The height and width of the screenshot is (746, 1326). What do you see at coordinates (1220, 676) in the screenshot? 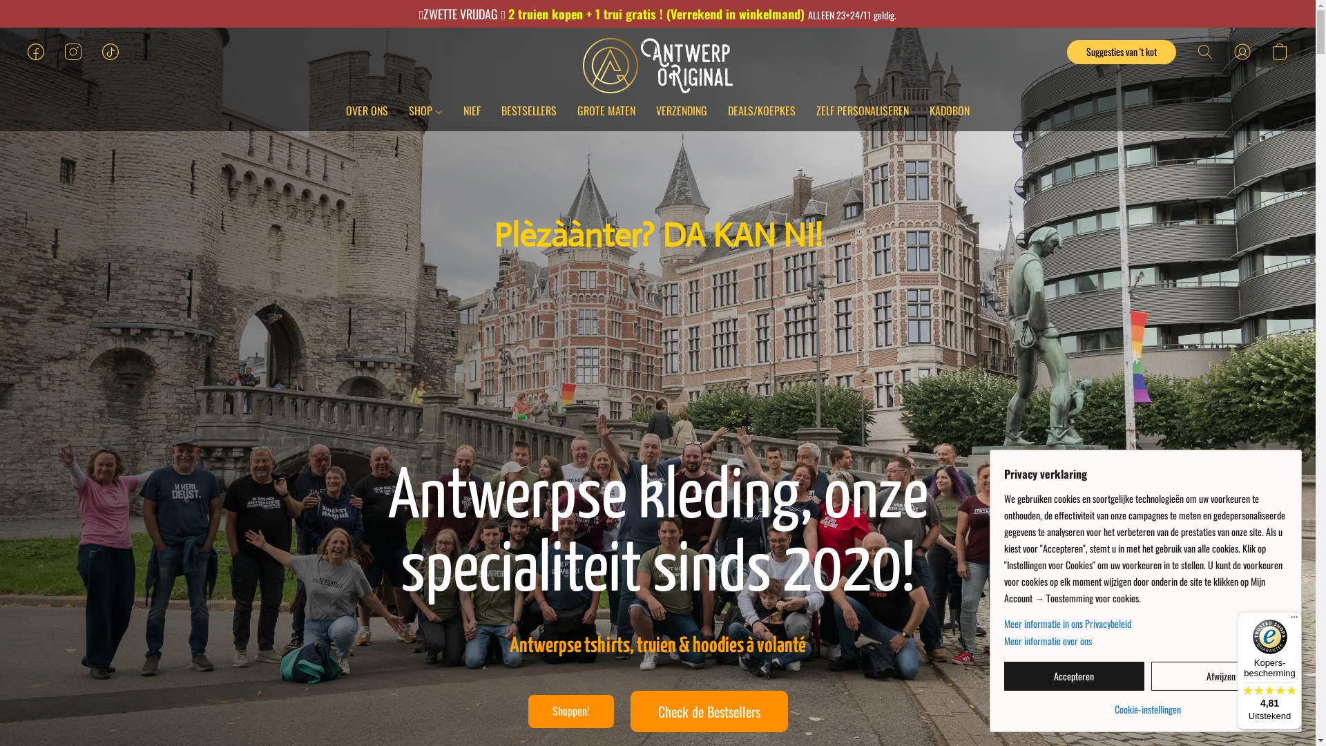
I see `'Afwijzen'` at bounding box center [1220, 676].